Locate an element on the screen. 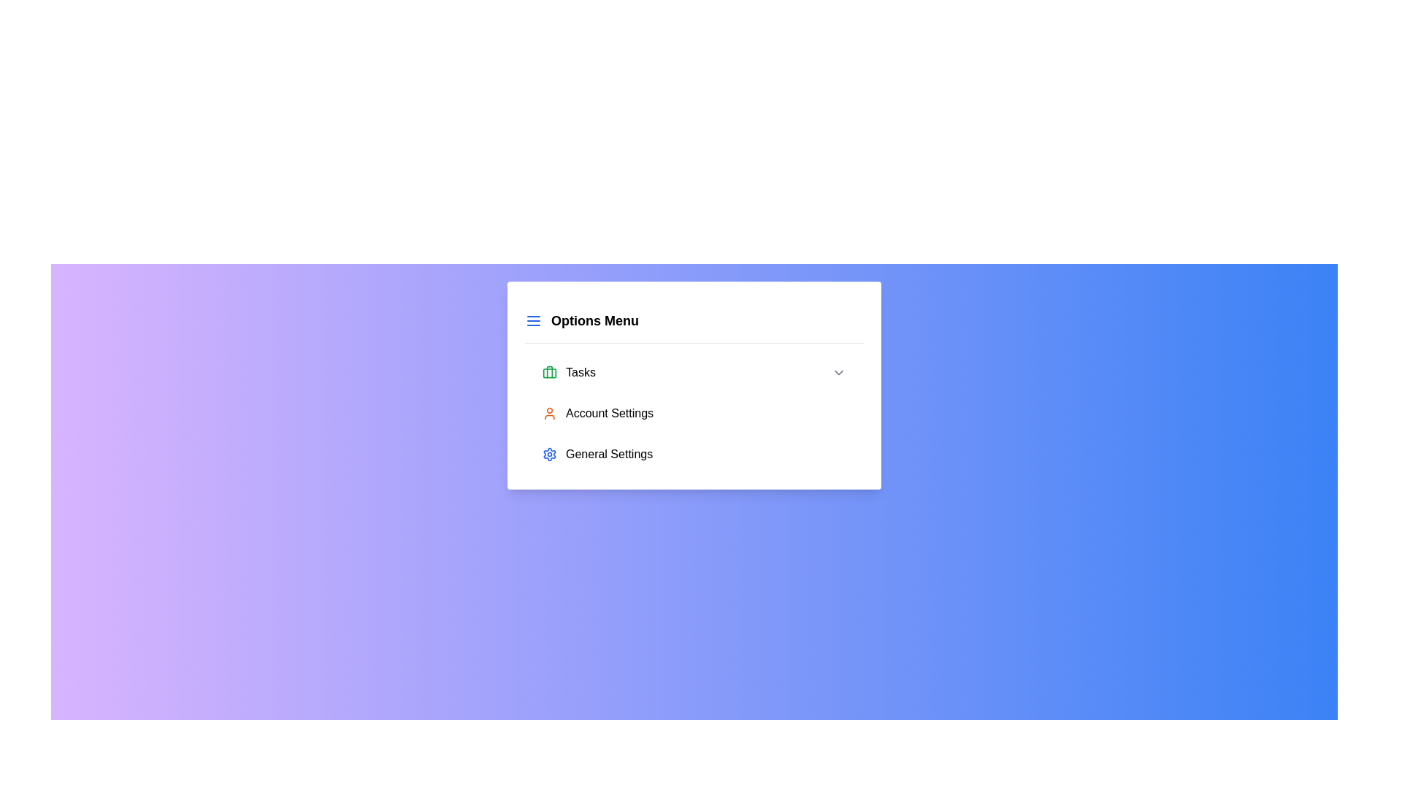 This screenshot has width=1402, height=788. the Menu Icon consisting of three horizontal blue lines, located is located at coordinates (532, 320).